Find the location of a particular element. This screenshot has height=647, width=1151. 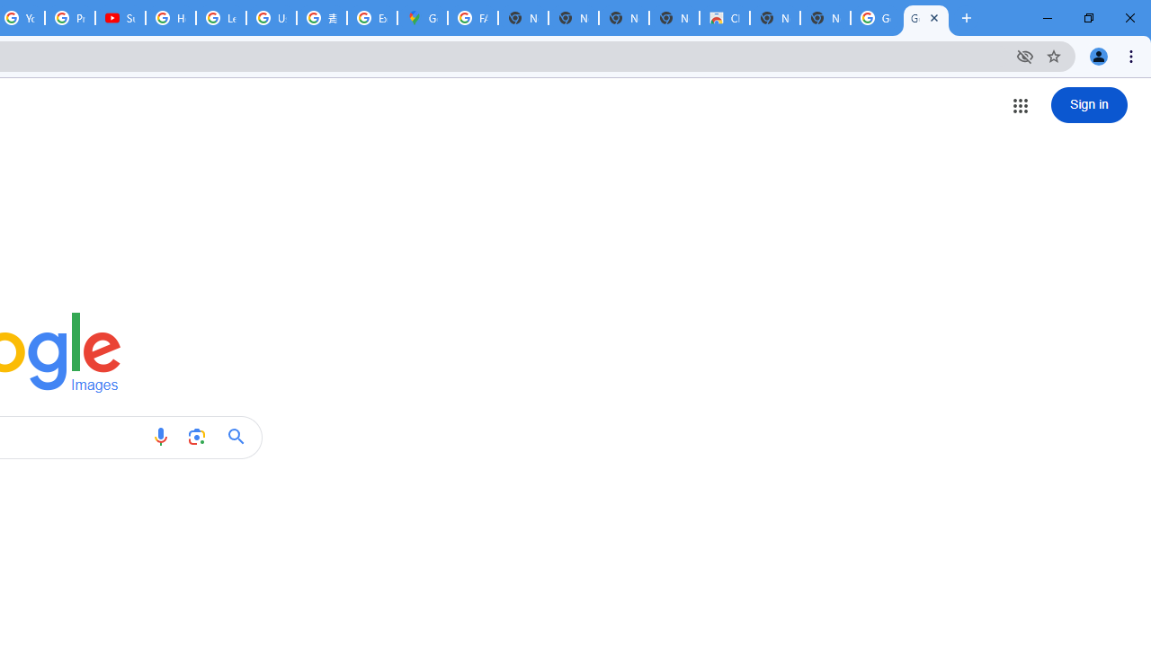

'Google Maps' is located at coordinates (421, 18).